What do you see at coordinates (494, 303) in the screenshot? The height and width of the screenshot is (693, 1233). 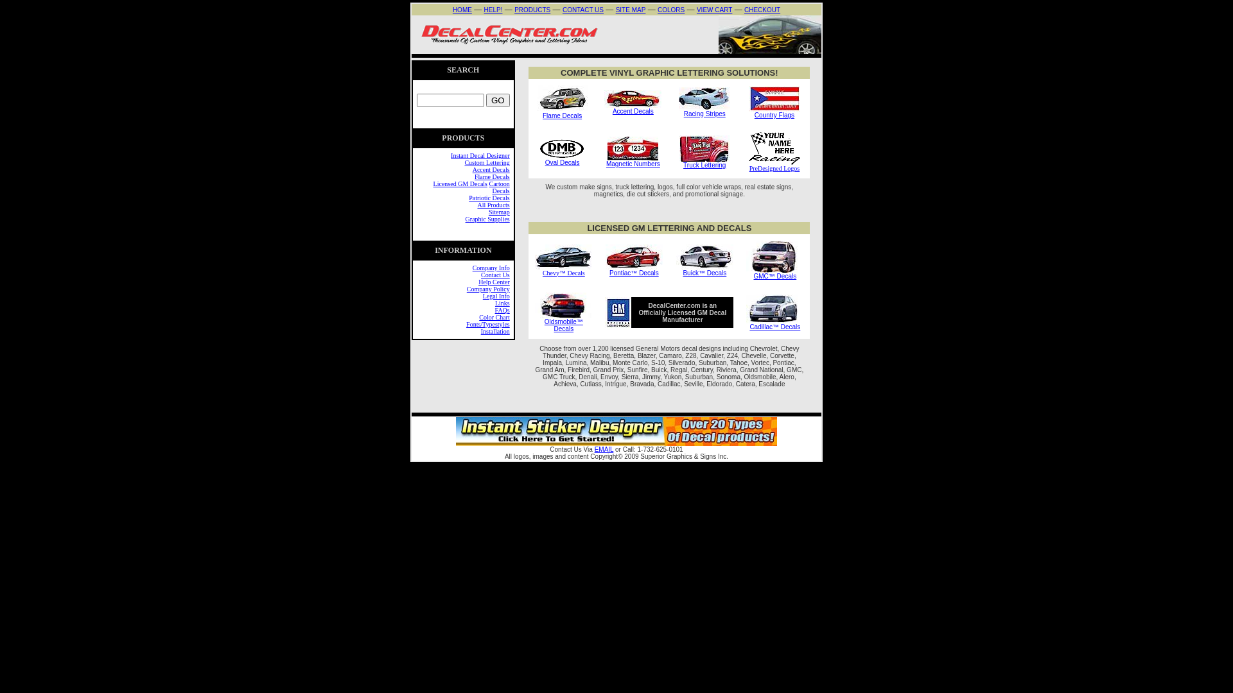 I see `'Links'` at bounding box center [494, 303].